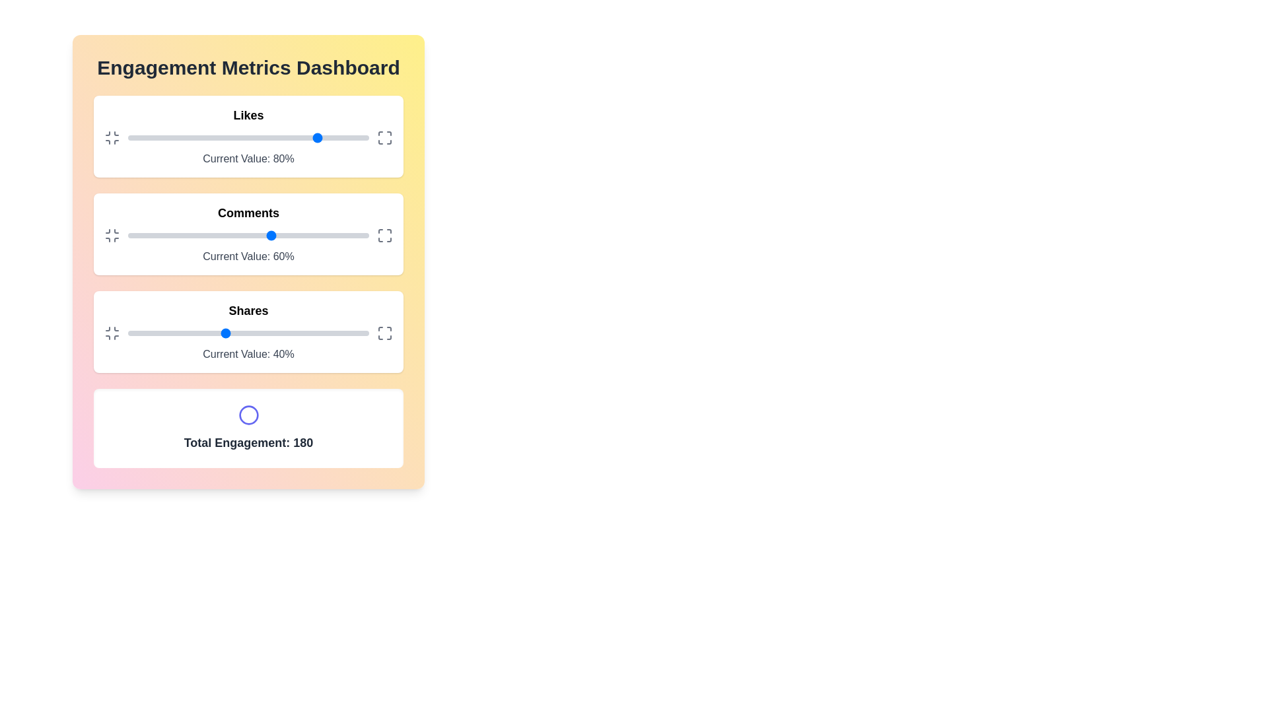 The width and height of the screenshot is (1268, 713). Describe the element at coordinates (163, 137) in the screenshot. I see `the slider` at that location.